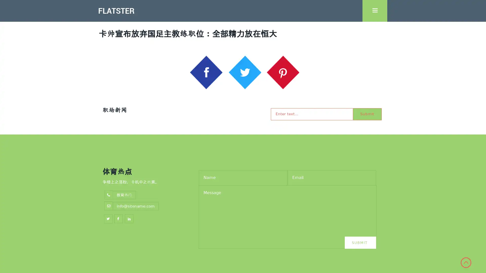  Describe the element at coordinates (360, 242) in the screenshot. I see `Submit` at that location.